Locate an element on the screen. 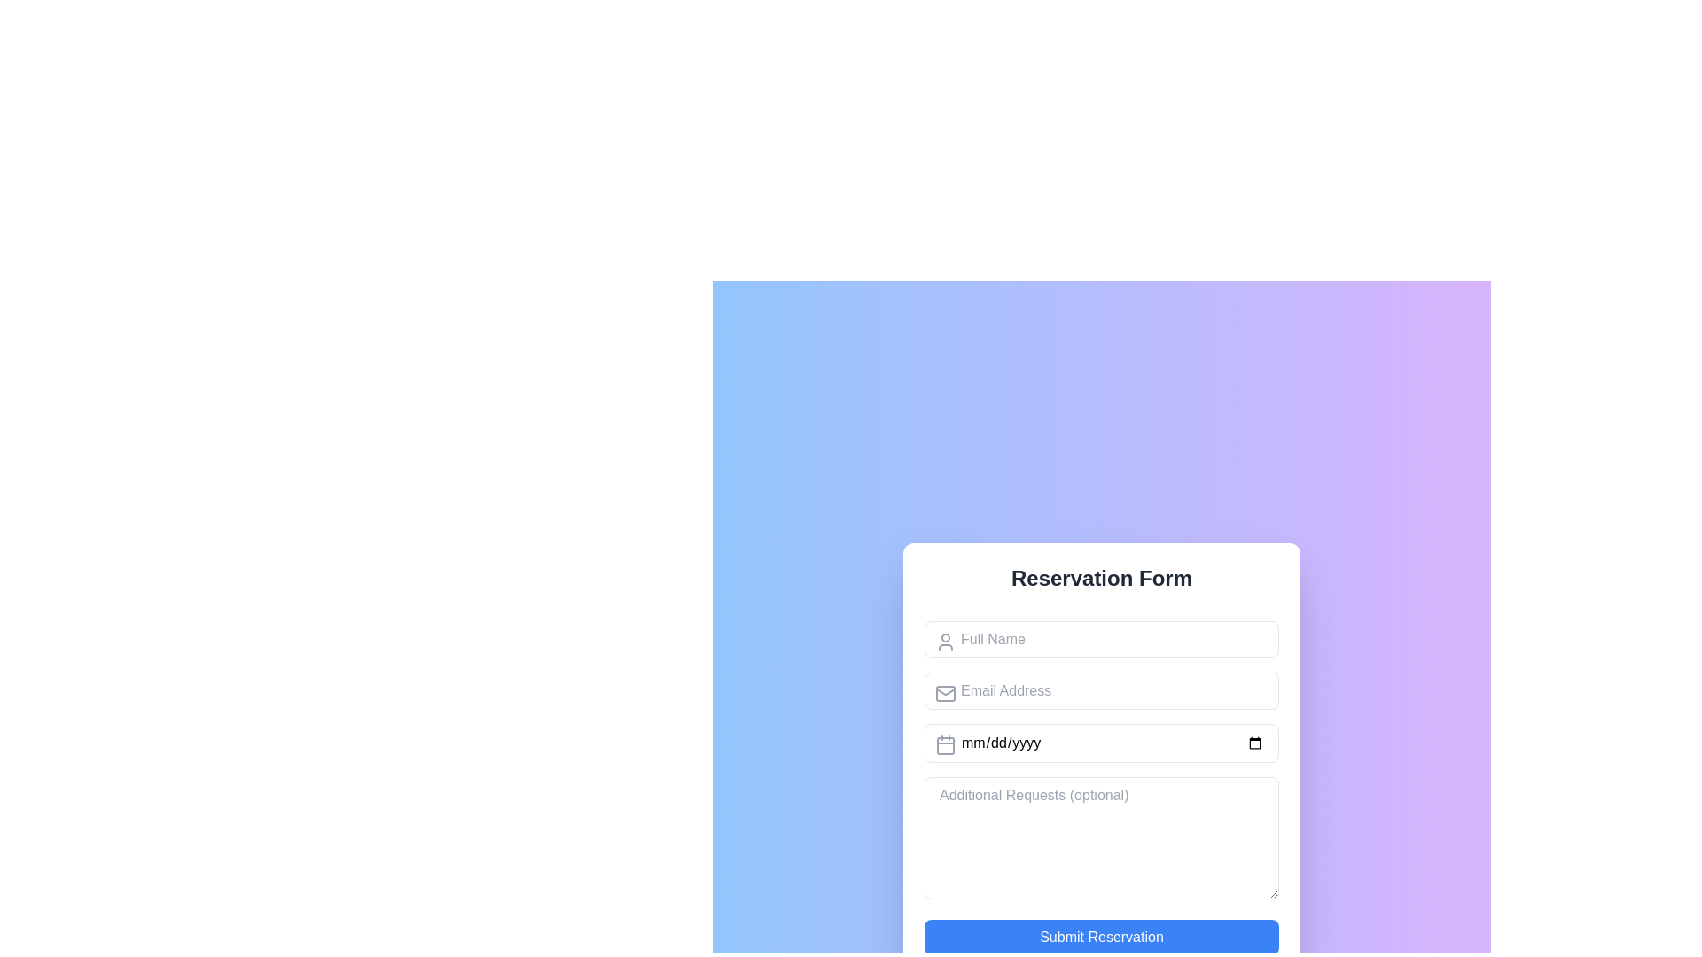  the rectangular icon background with rounded corners, styled with a light gray fill, located inside the calendar icon to the left of the date input field in the reservation form is located at coordinates (944, 745).